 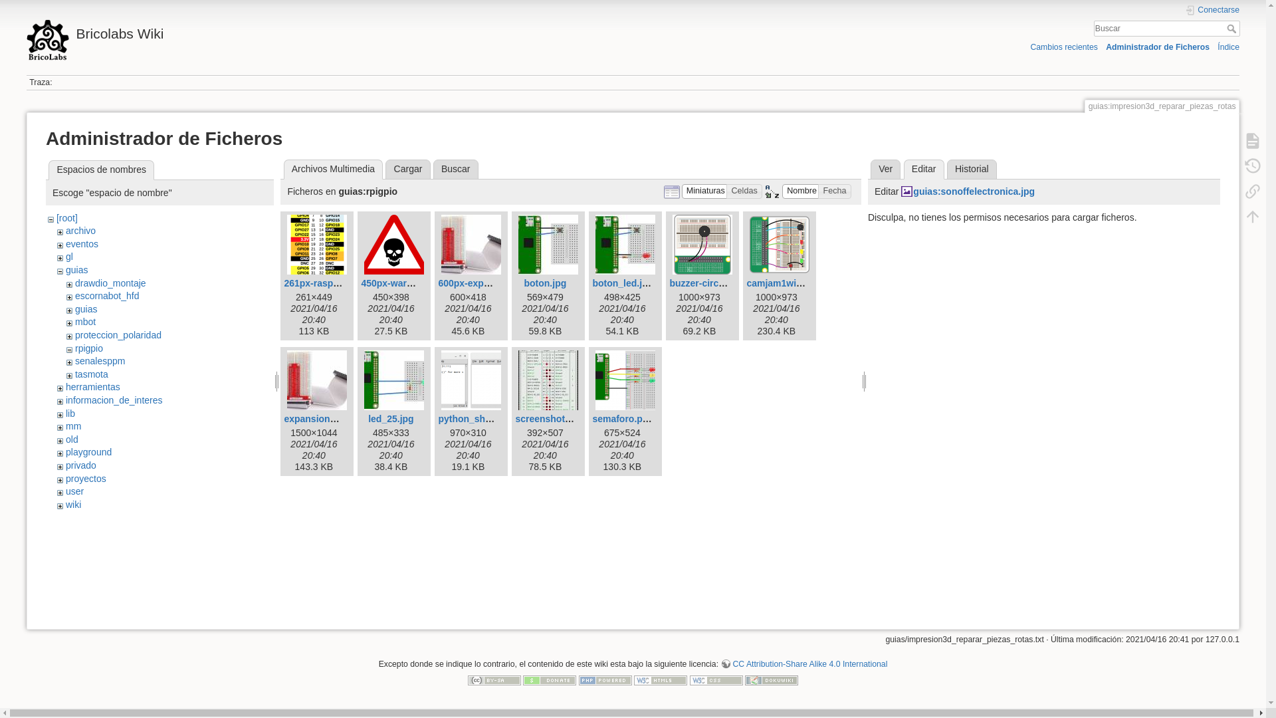 What do you see at coordinates (605, 679) in the screenshot?
I see `'Powered by PHP'` at bounding box center [605, 679].